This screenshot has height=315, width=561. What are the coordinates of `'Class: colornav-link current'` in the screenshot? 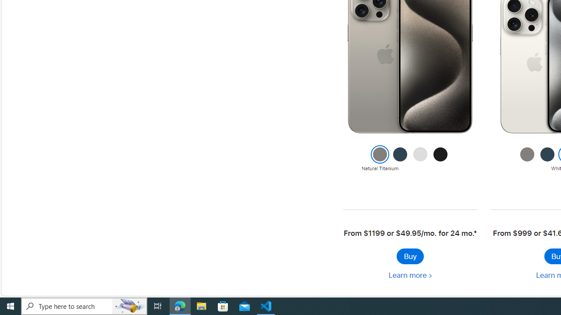 It's located at (380, 154).